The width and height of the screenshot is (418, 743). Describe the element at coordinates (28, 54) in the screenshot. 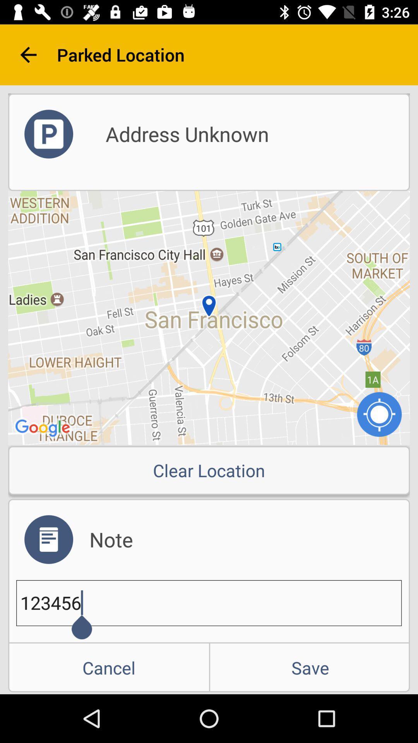

I see `the arrow_backward icon` at that location.